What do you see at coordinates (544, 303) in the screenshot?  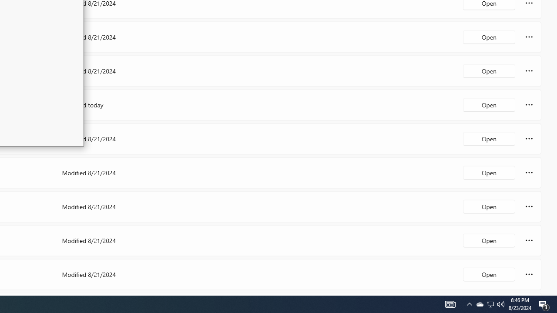 I see `'Show desktop'` at bounding box center [544, 303].